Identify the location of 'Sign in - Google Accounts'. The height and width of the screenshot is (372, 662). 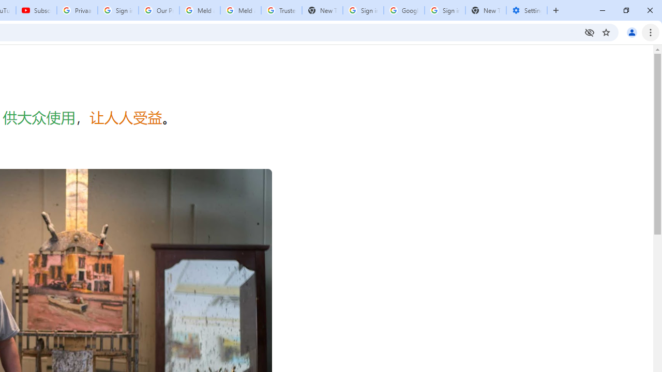
(118, 10).